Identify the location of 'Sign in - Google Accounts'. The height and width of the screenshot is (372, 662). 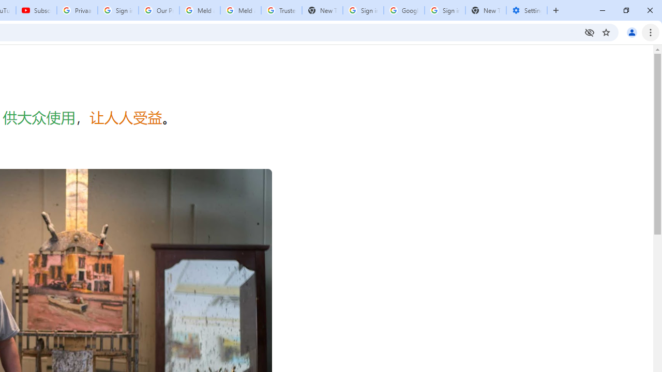
(118, 10).